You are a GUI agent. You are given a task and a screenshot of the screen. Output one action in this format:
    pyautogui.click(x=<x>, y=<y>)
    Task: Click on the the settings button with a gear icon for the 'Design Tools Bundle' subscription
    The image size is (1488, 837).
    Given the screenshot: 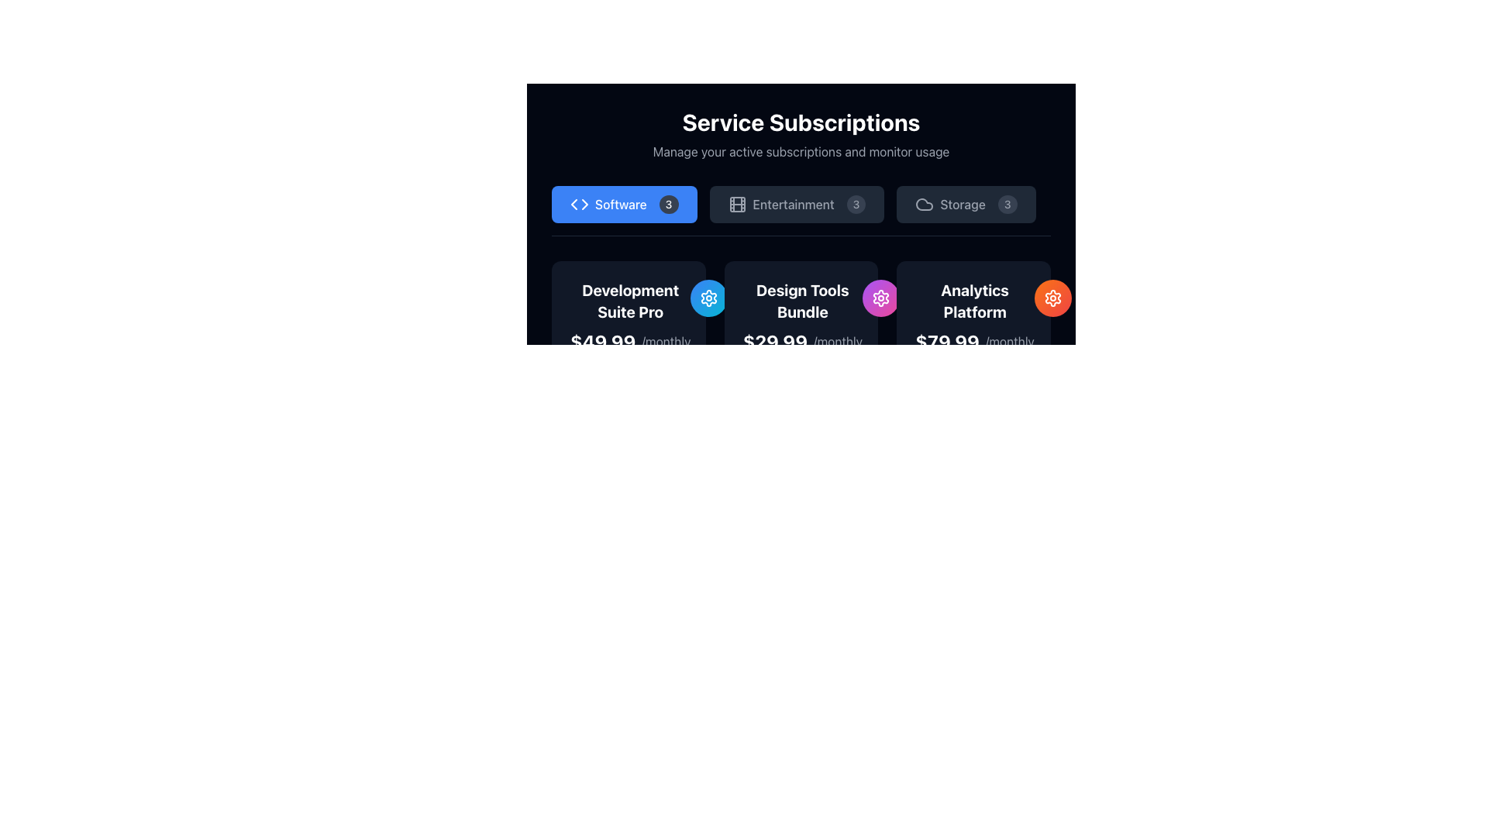 What is the action you would take?
    pyautogui.click(x=881, y=298)
    